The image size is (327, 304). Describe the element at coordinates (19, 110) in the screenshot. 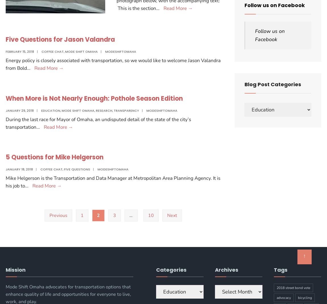

I see `'January 29, 2018'` at that location.